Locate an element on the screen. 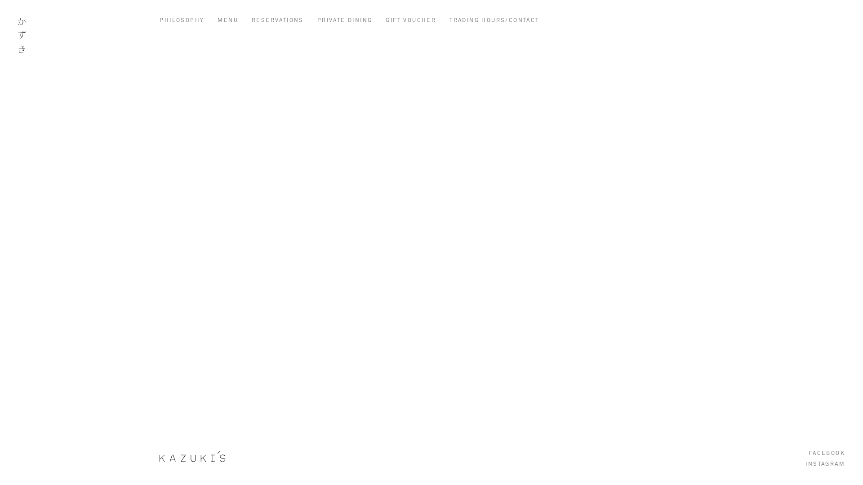 This screenshot has height=485, width=863. 'RESERVATIONS' is located at coordinates (277, 20).